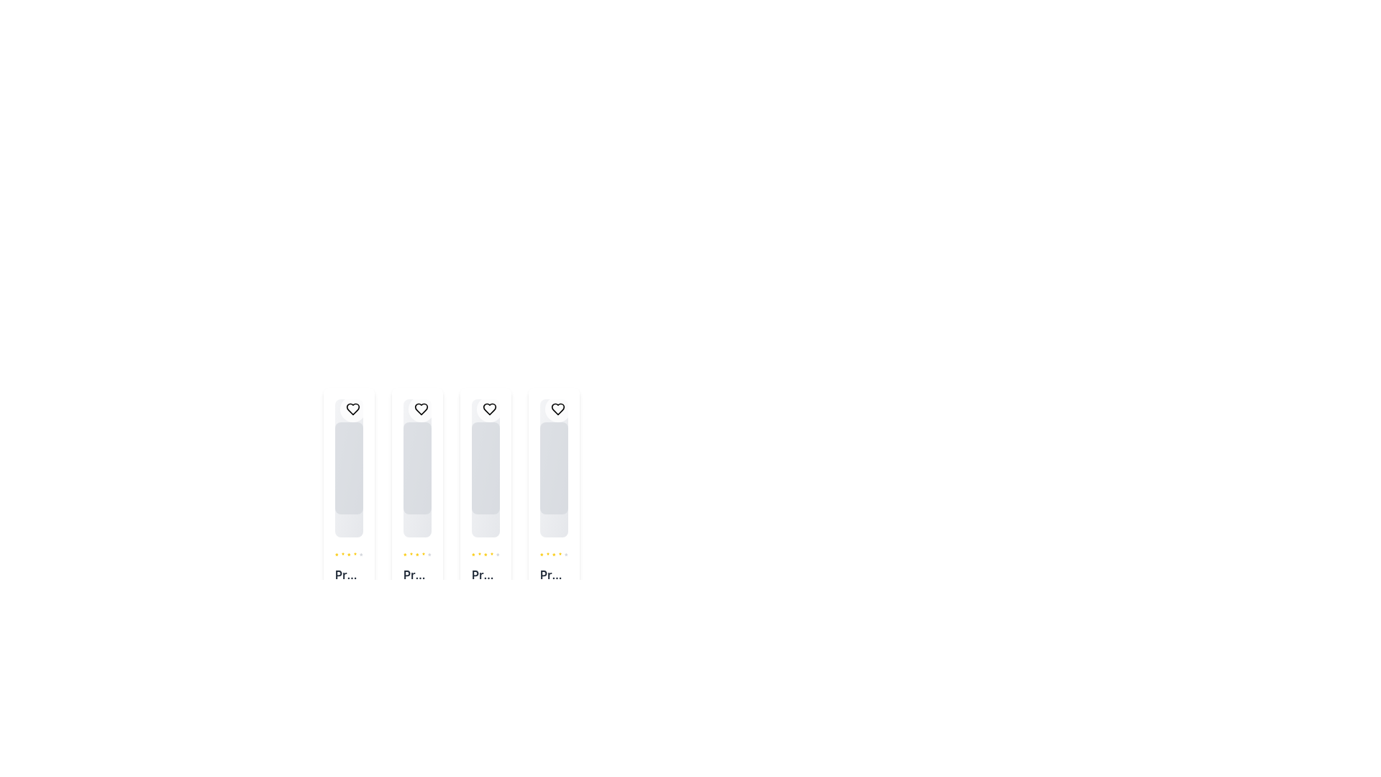 Image resolution: width=1381 pixels, height=777 pixels. What do you see at coordinates (404, 554) in the screenshot?
I see `the first yellow star-shaped rating icon located under the product preview area` at bounding box center [404, 554].